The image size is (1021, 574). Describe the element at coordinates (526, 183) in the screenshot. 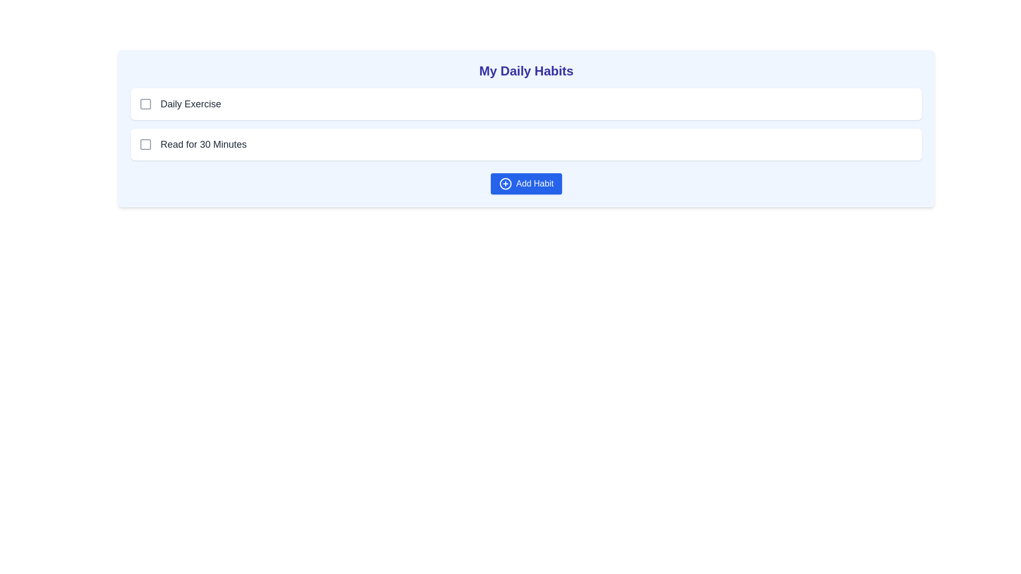

I see `the button for adding new habits` at that location.